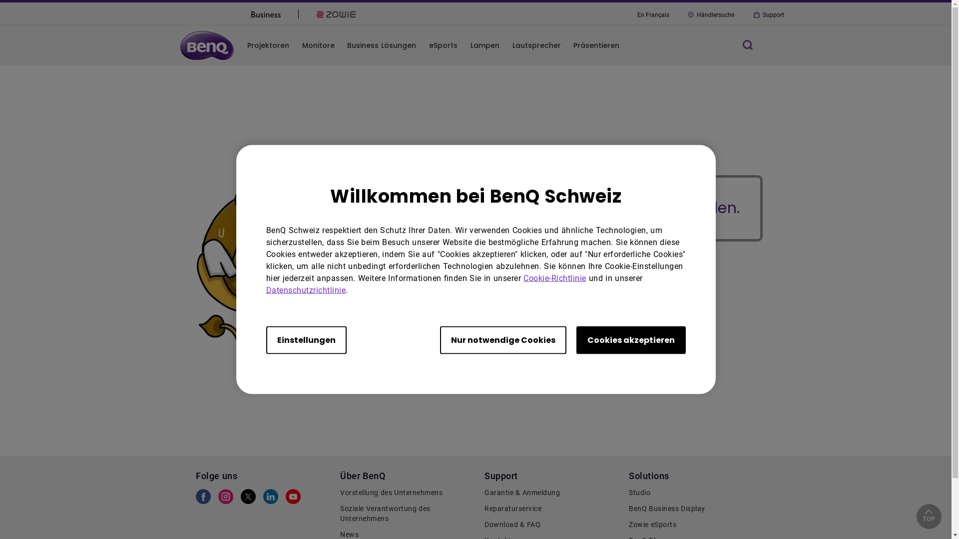 The height and width of the screenshot is (539, 959). I want to click on 'BenQ Business Display', so click(695, 509).